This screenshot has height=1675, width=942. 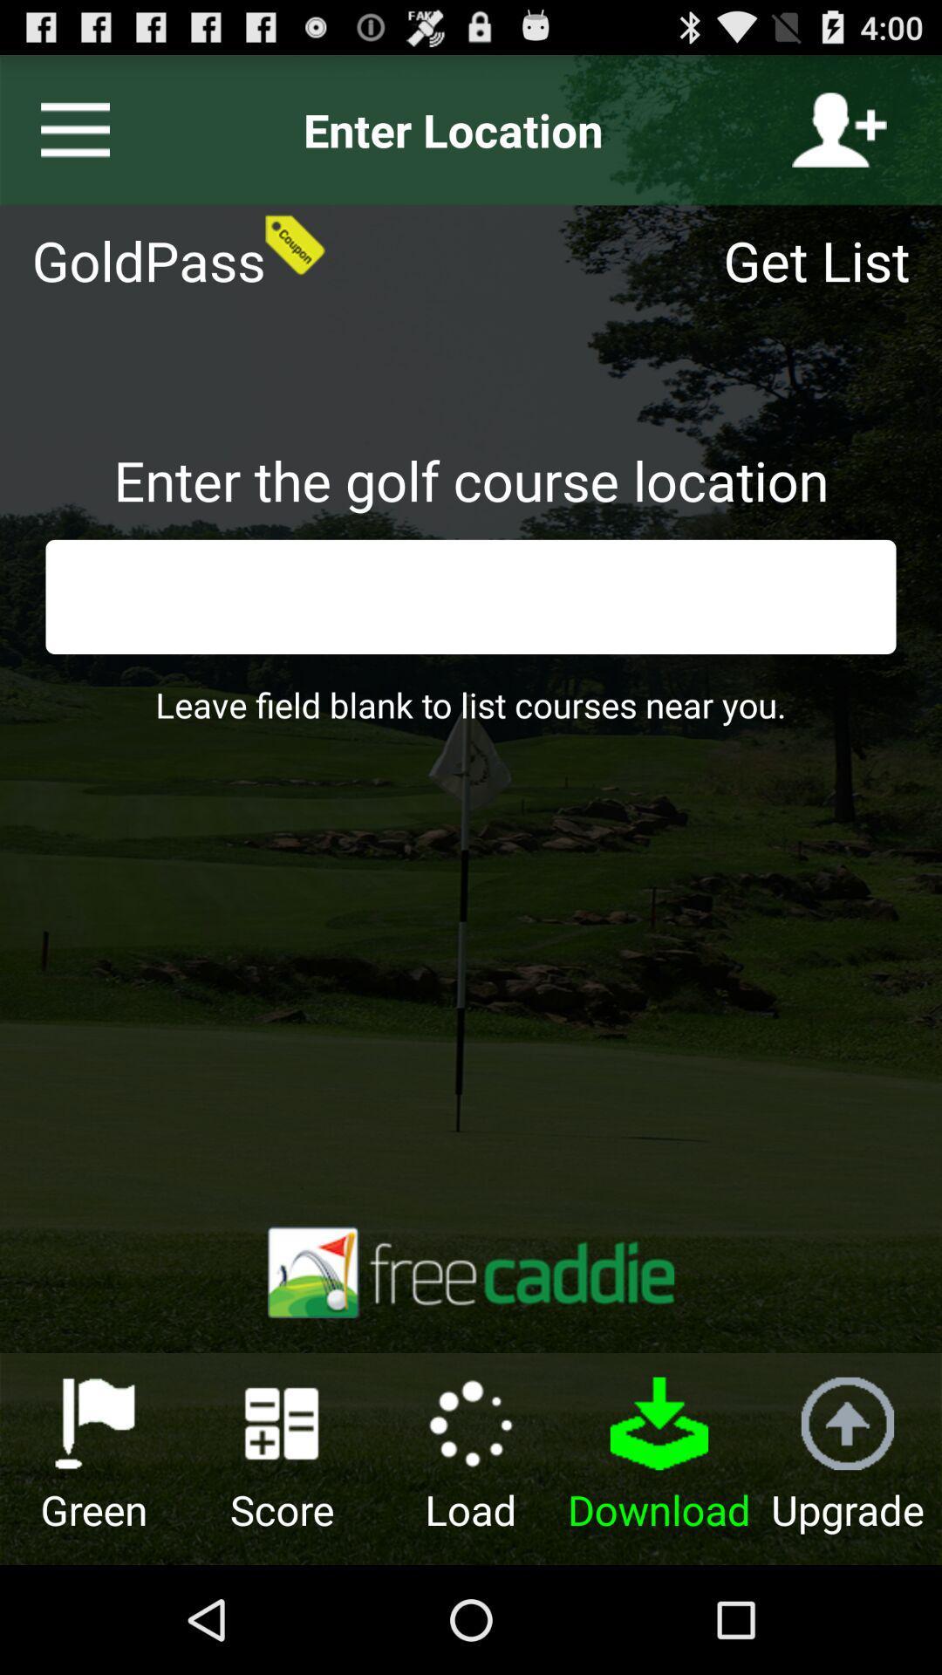 What do you see at coordinates (67, 129) in the screenshot?
I see `bookmark option` at bounding box center [67, 129].